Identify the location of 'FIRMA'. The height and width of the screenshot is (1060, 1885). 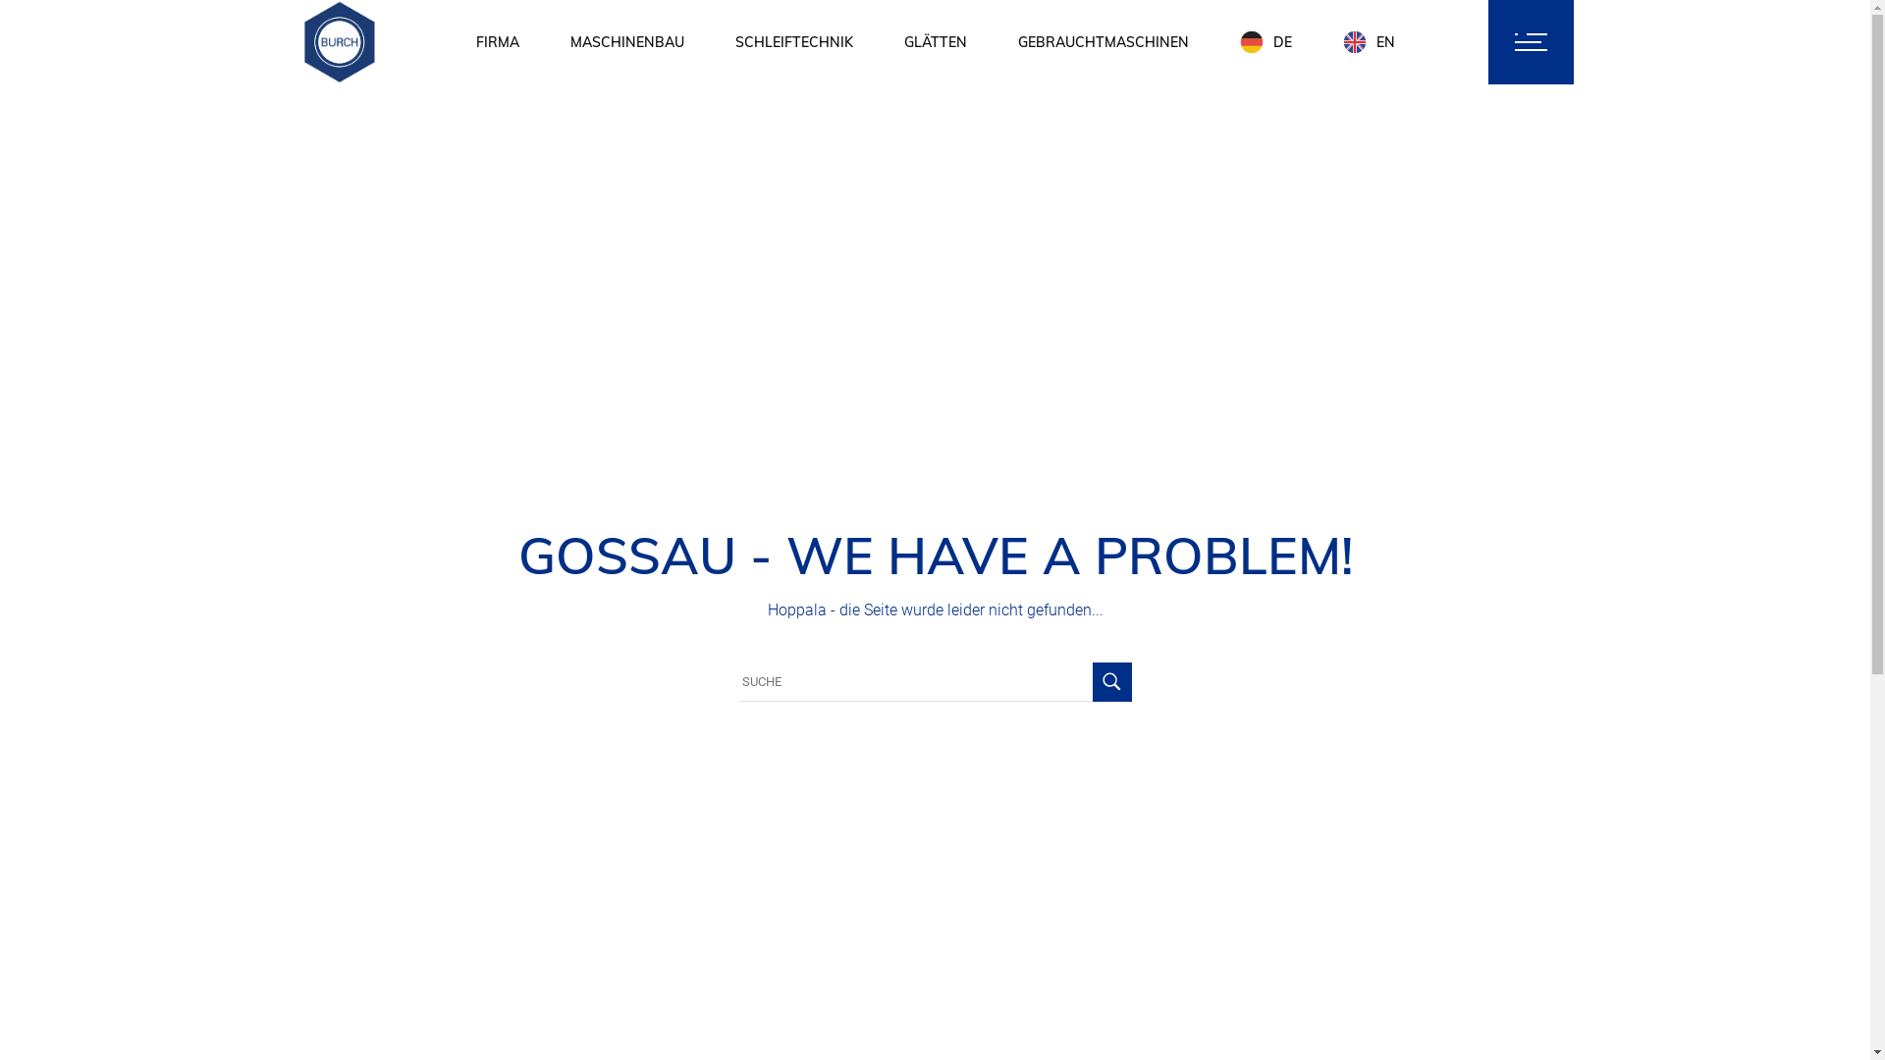
(496, 41).